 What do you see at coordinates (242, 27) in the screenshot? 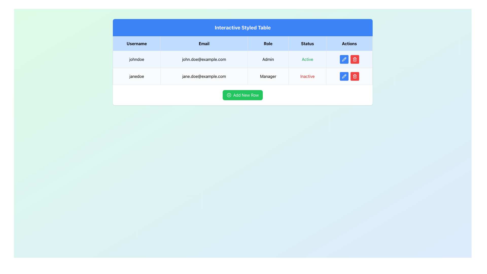
I see `the blue rectangular Static header bar displaying the text 'Interactive Styled Table', located at the top of the structured table` at bounding box center [242, 27].